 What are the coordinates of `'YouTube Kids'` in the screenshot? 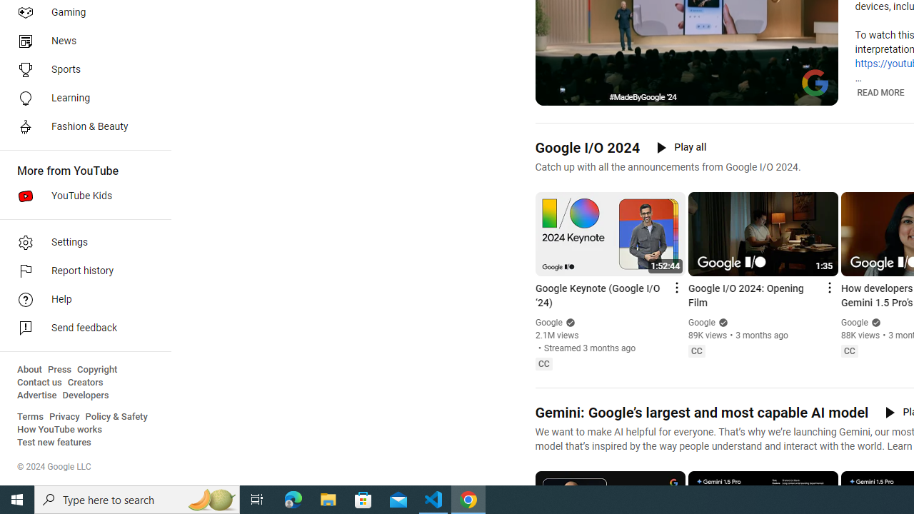 It's located at (80, 196).